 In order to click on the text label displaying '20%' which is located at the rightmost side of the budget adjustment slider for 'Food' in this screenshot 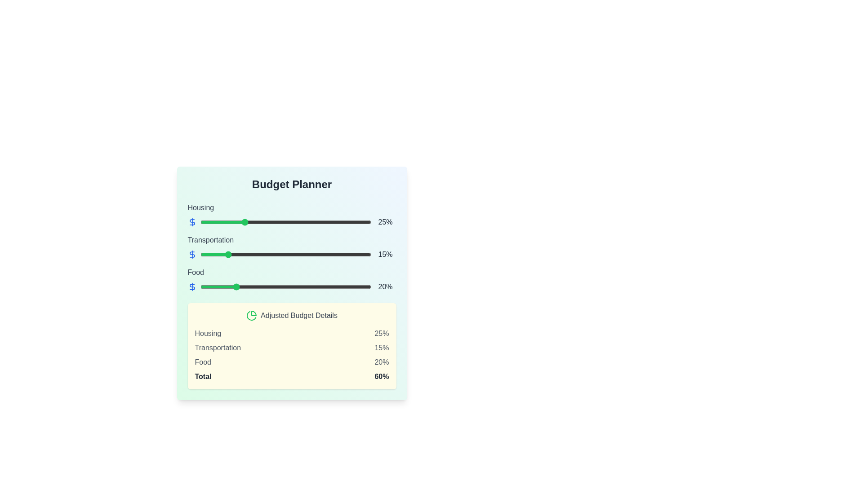, I will do `click(385, 287)`.